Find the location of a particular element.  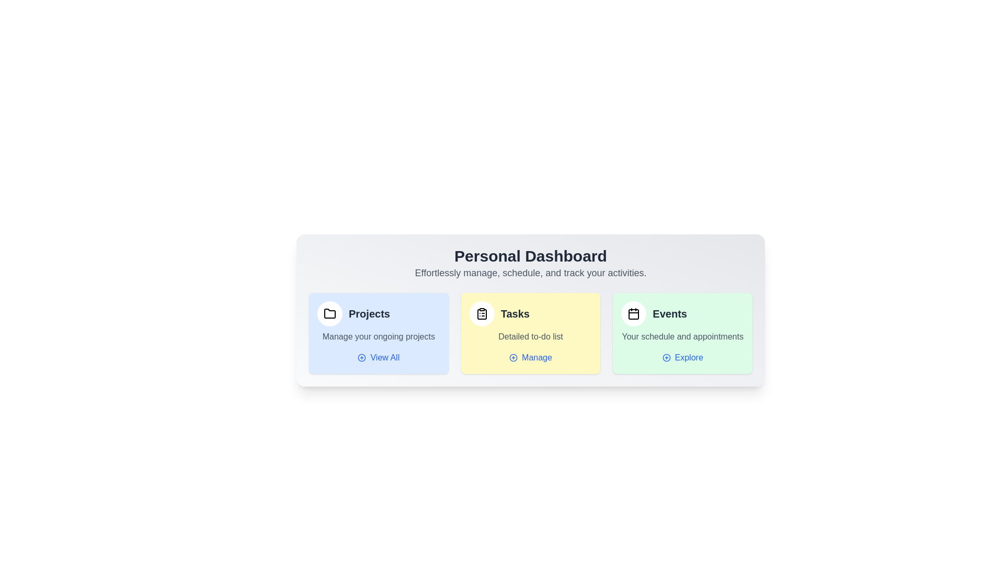

'View All' button under the 'Projects' section is located at coordinates (378, 357).